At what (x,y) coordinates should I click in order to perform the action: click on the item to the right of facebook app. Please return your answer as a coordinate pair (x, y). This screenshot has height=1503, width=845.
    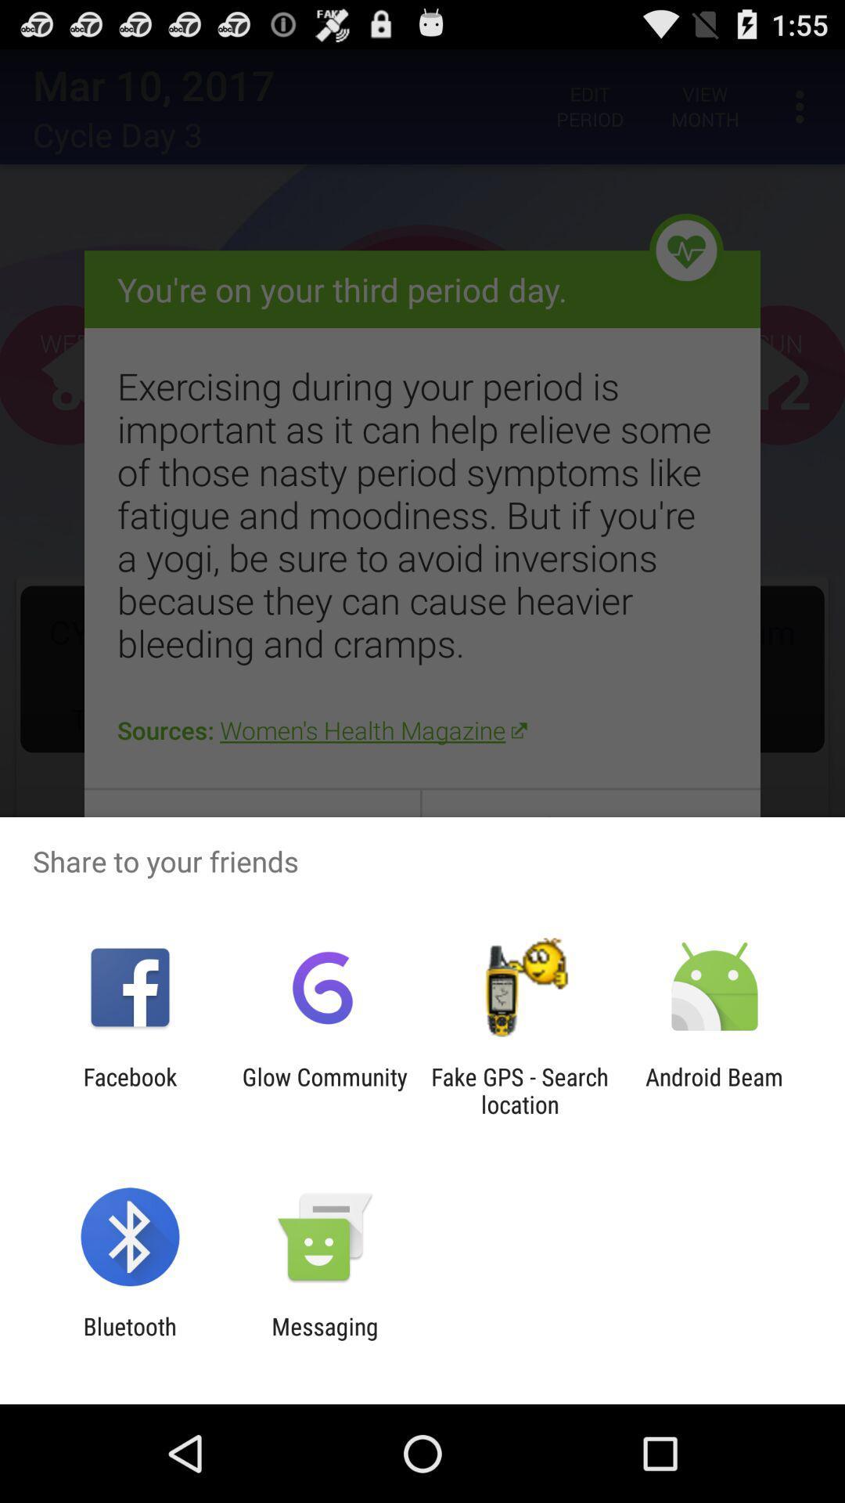
    Looking at the image, I should click on (324, 1090).